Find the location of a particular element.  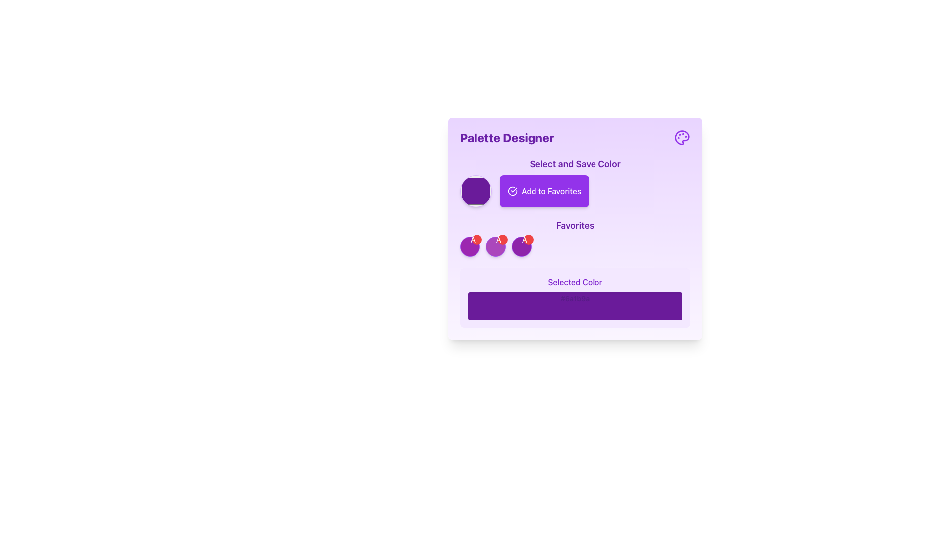

the vibrant purple Color selector button is located at coordinates (476, 191).